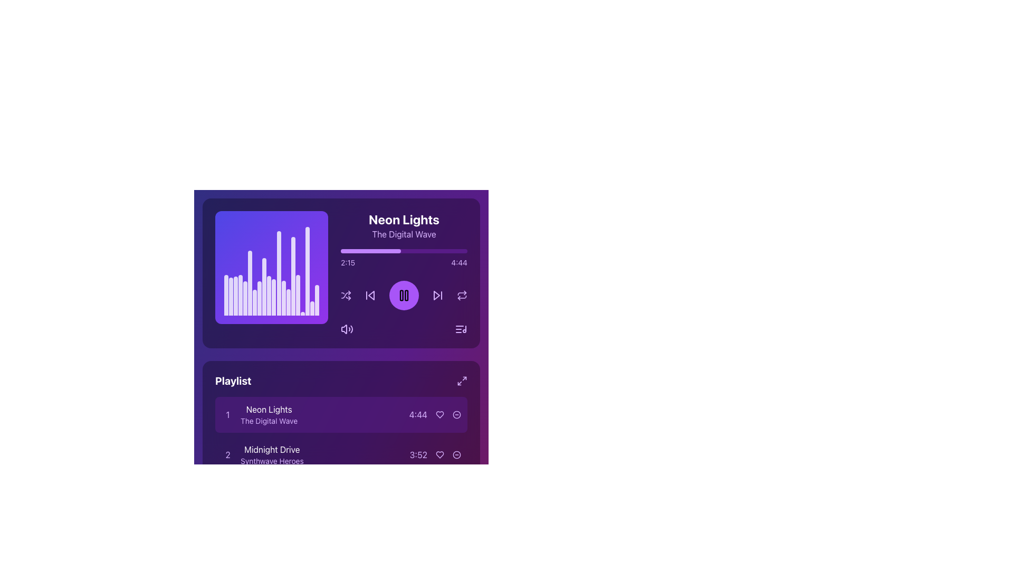 The height and width of the screenshot is (570, 1013). Describe the element at coordinates (440, 414) in the screenshot. I see `the heart icon button located to the right of the timer '4:44' to express a liking` at that location.